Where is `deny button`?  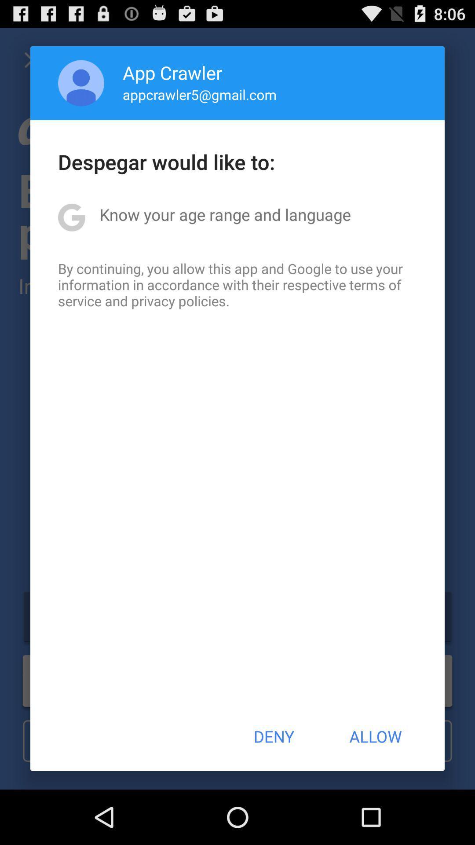
deny button is located at coordinates (273, 736).